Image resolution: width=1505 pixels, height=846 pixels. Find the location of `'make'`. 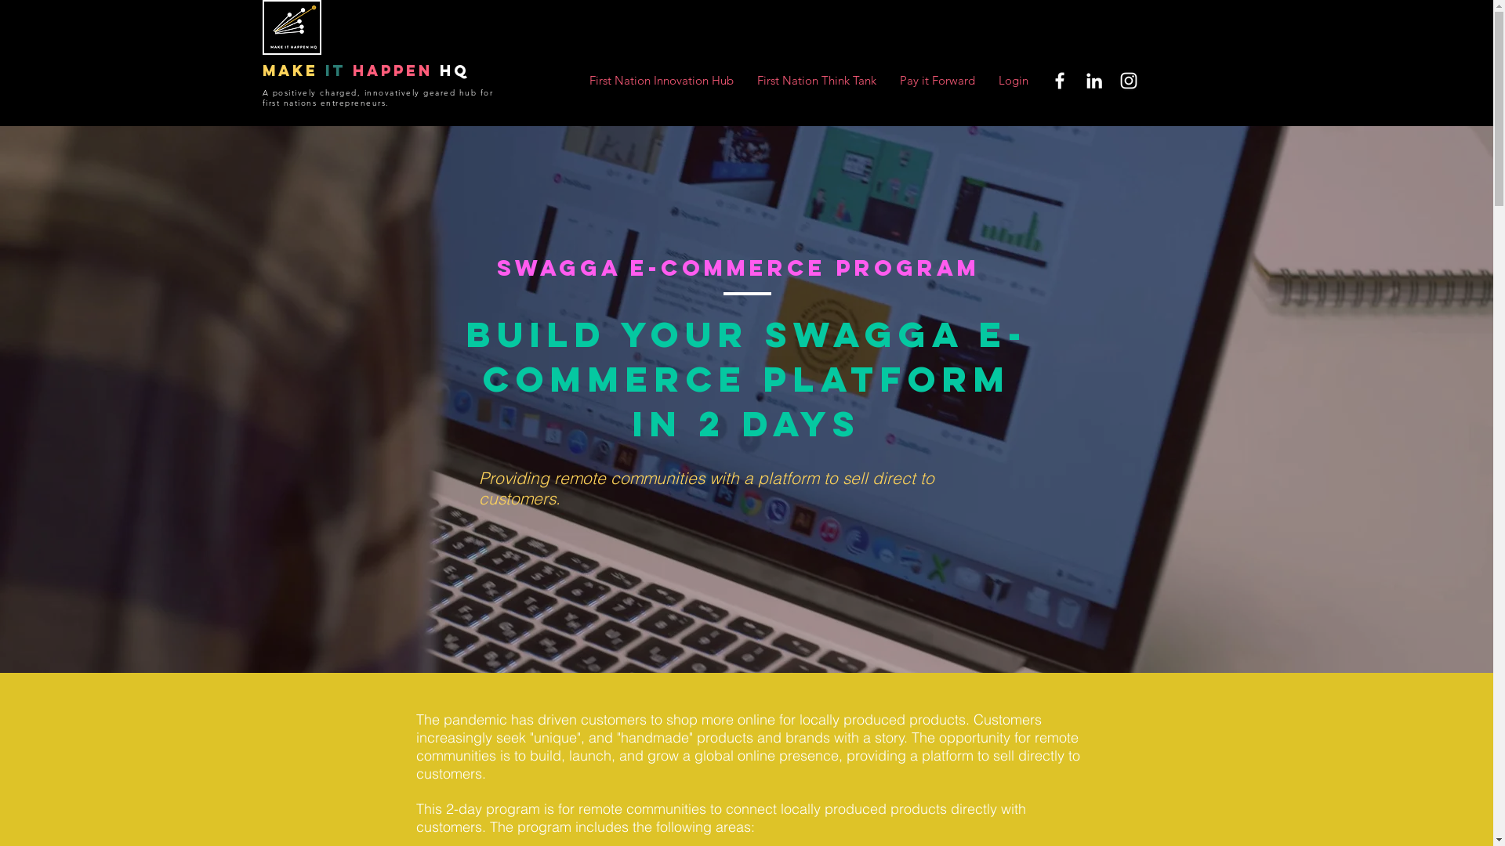

'make' is located at coordinates (289, 69).